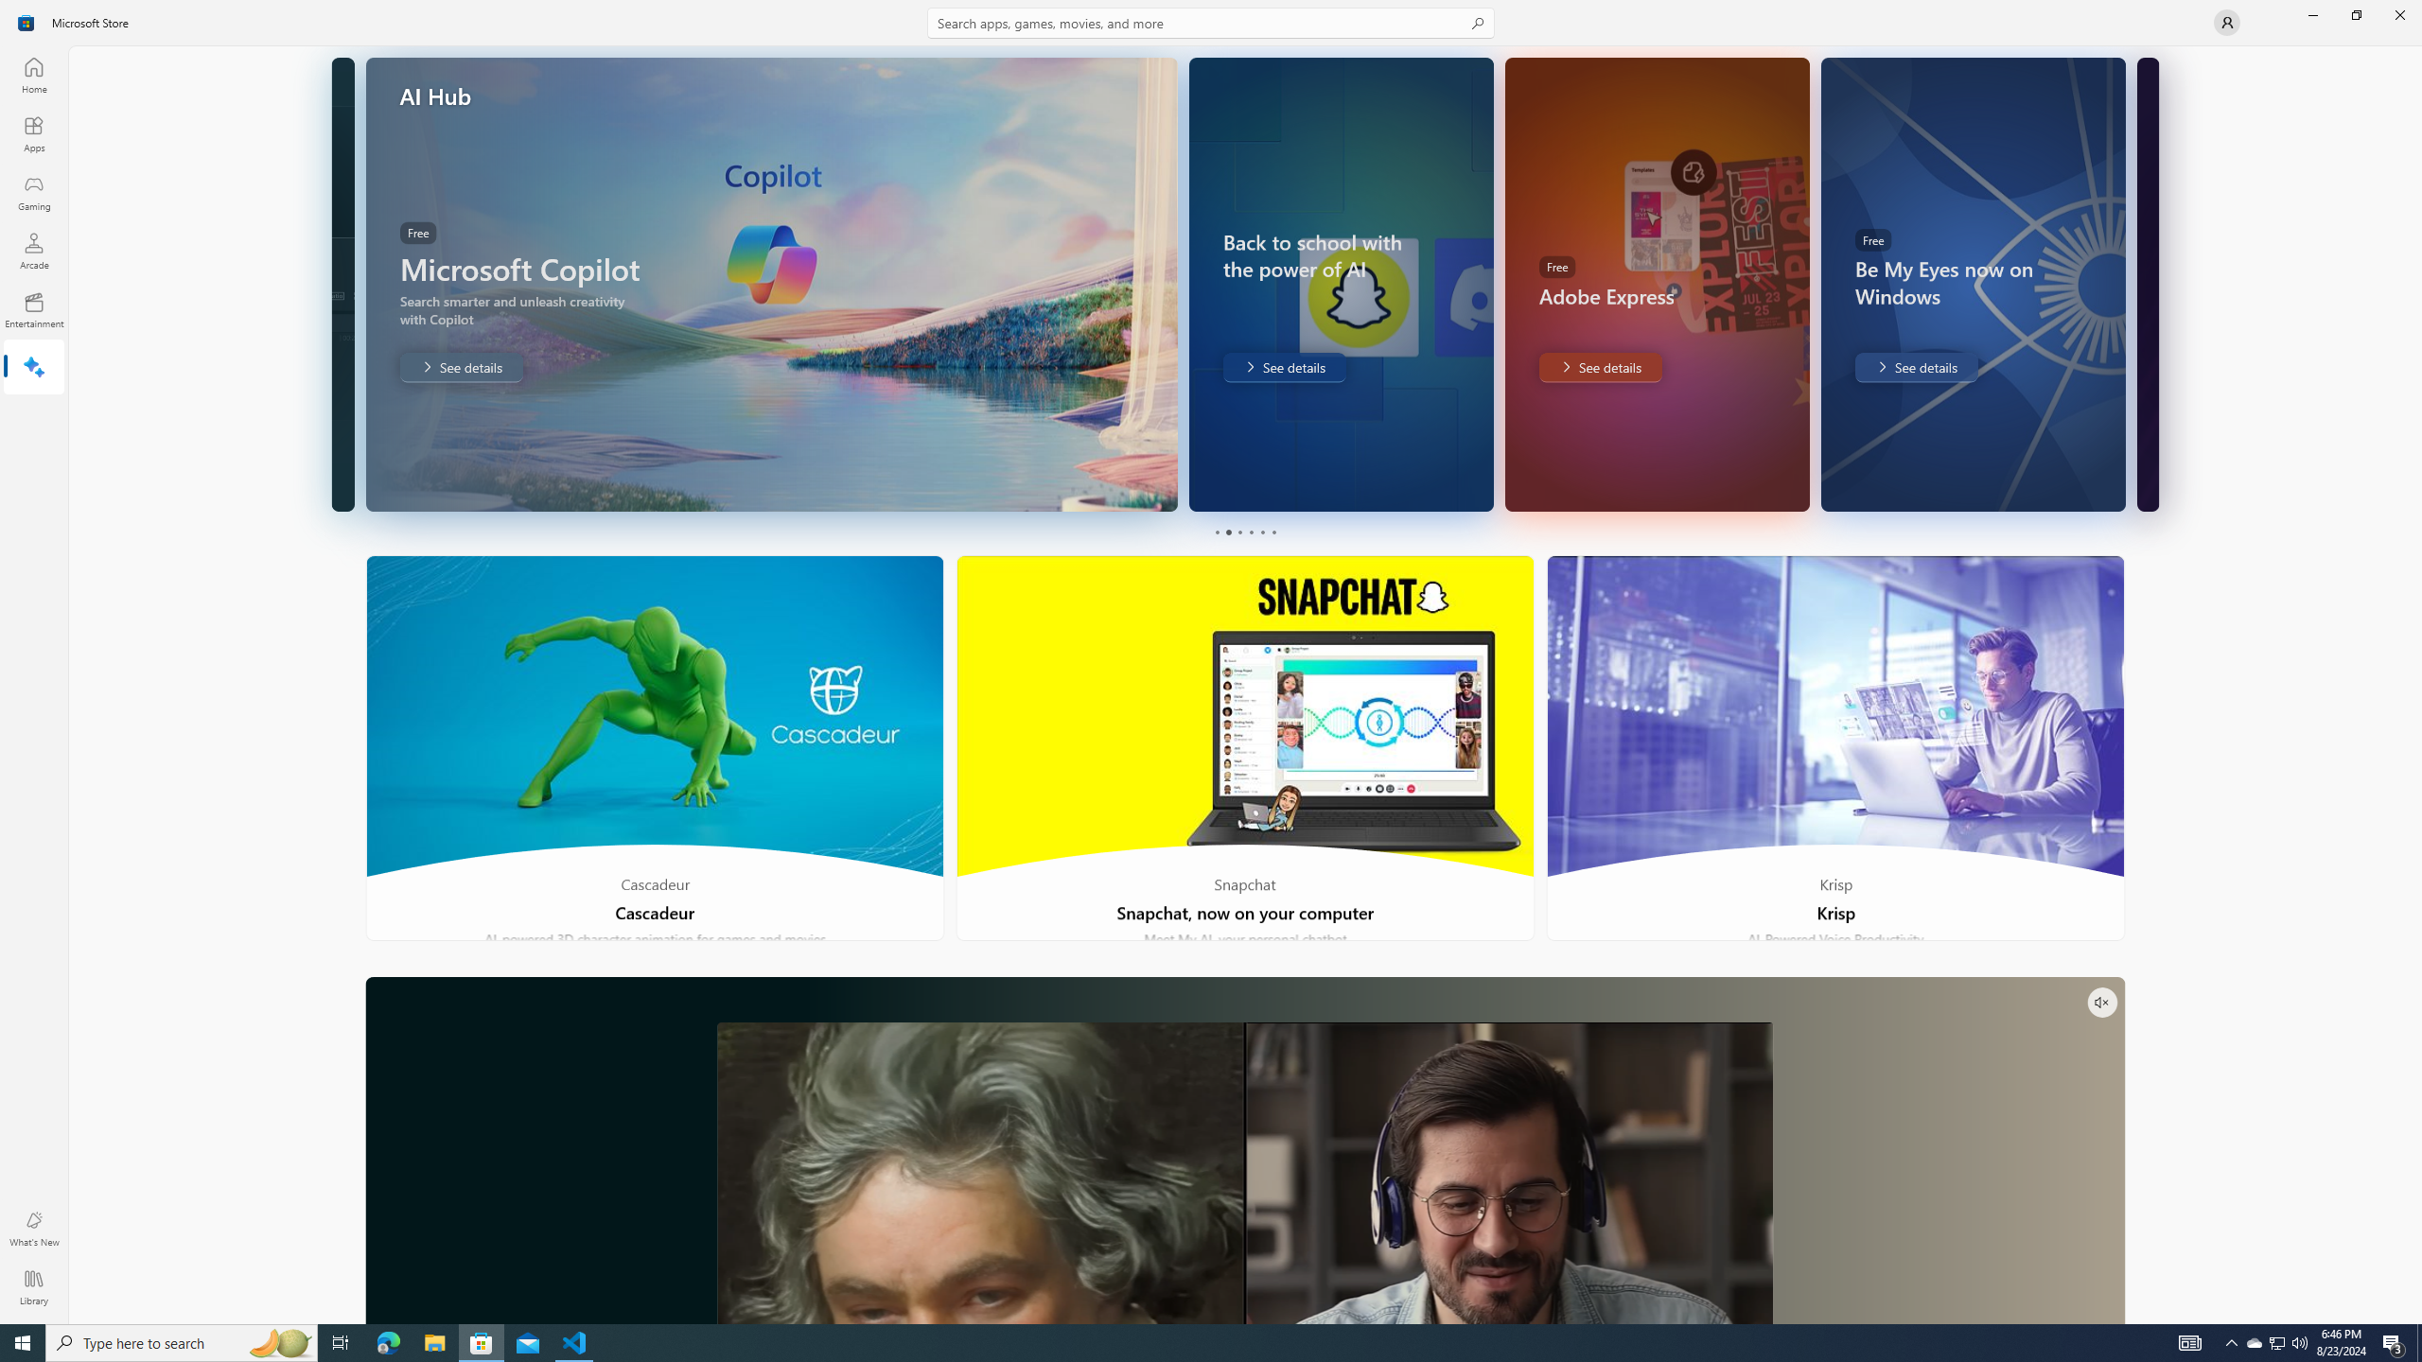 The image size is (2422, 1362). What do you see at coordinates (1260, 532) in the screenshot?
I see `'Page 5'` at bounding box center [1260, 532].